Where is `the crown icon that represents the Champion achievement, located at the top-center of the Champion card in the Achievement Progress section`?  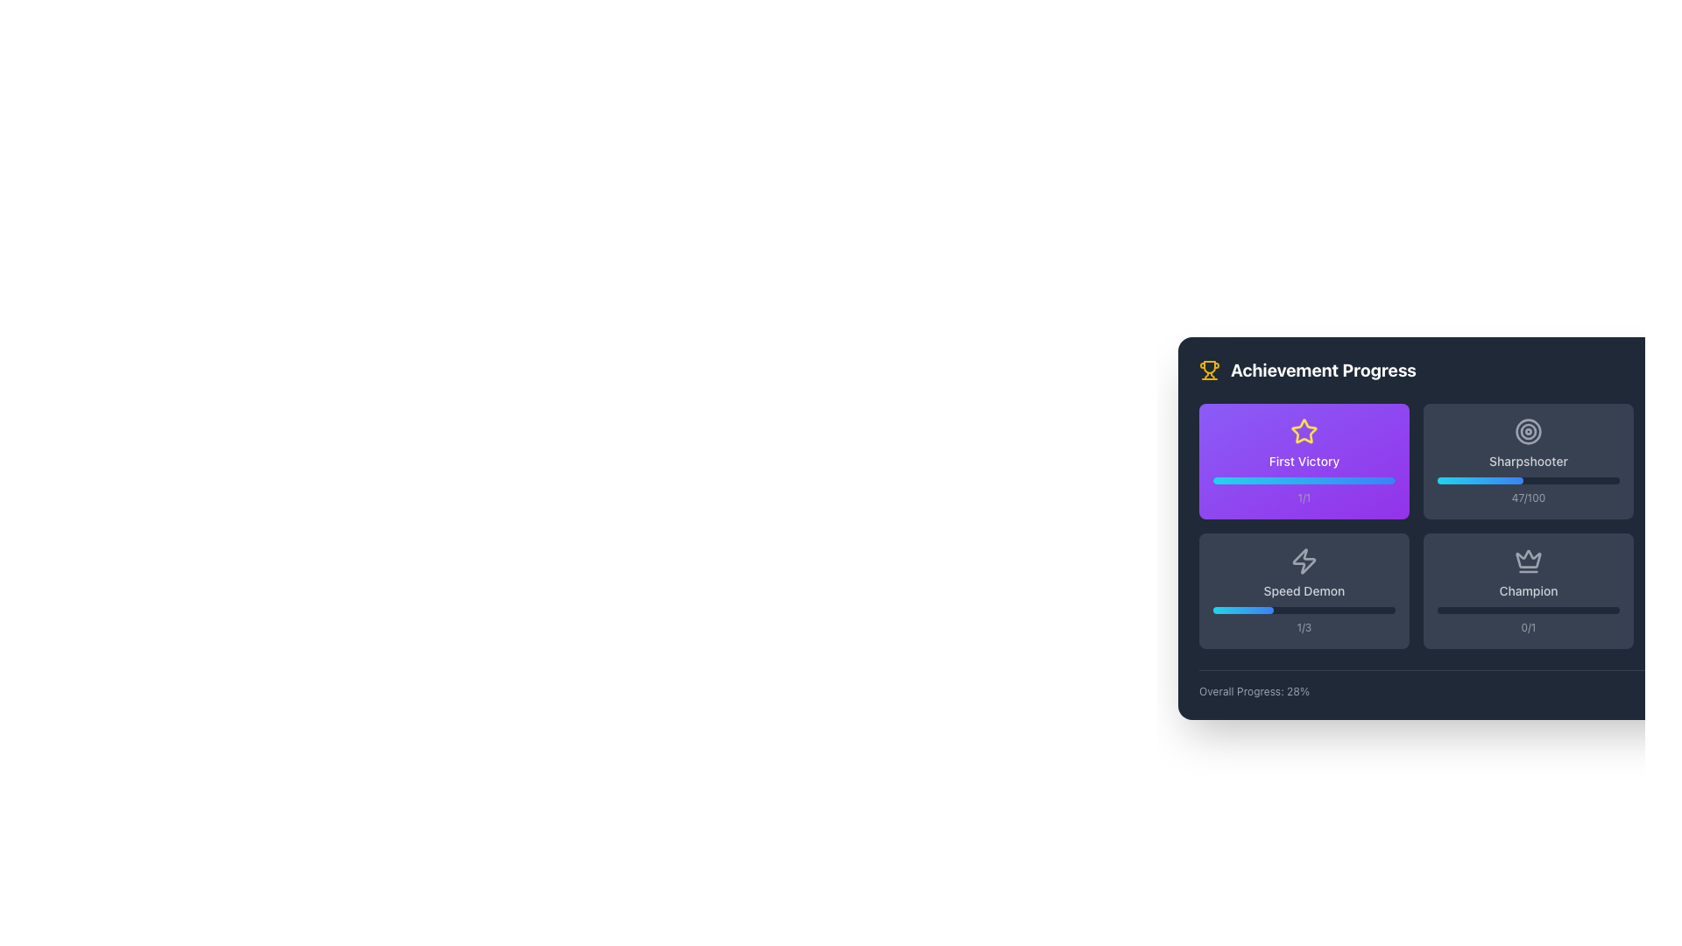 the crown icon that represents the Champion achievement, located at the top-center of the Champion card in the Achievement Progress section is located at coordinates (1528, 559).